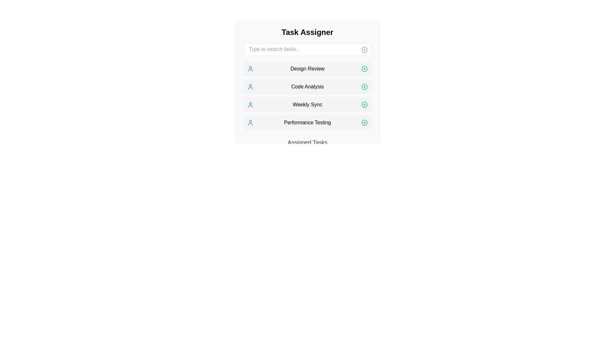  Describe the element at coordinates (307, 86) in the screenshot. I see `the 'Code Analysis' text label in the 'Task Assigner' vertical list, which is the second entry among four, to interact with it` at that location.